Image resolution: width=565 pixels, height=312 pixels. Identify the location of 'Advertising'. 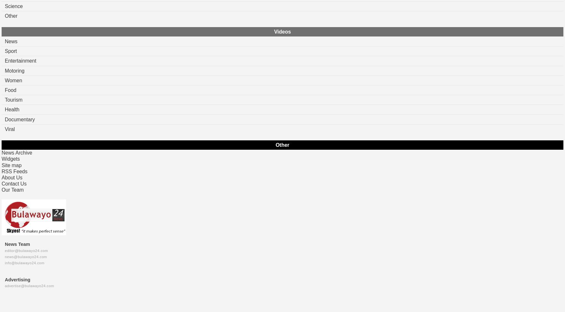
(17, 279).